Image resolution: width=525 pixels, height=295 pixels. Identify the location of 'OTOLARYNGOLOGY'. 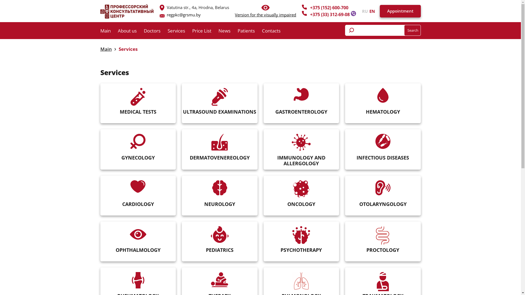
(383, 196).